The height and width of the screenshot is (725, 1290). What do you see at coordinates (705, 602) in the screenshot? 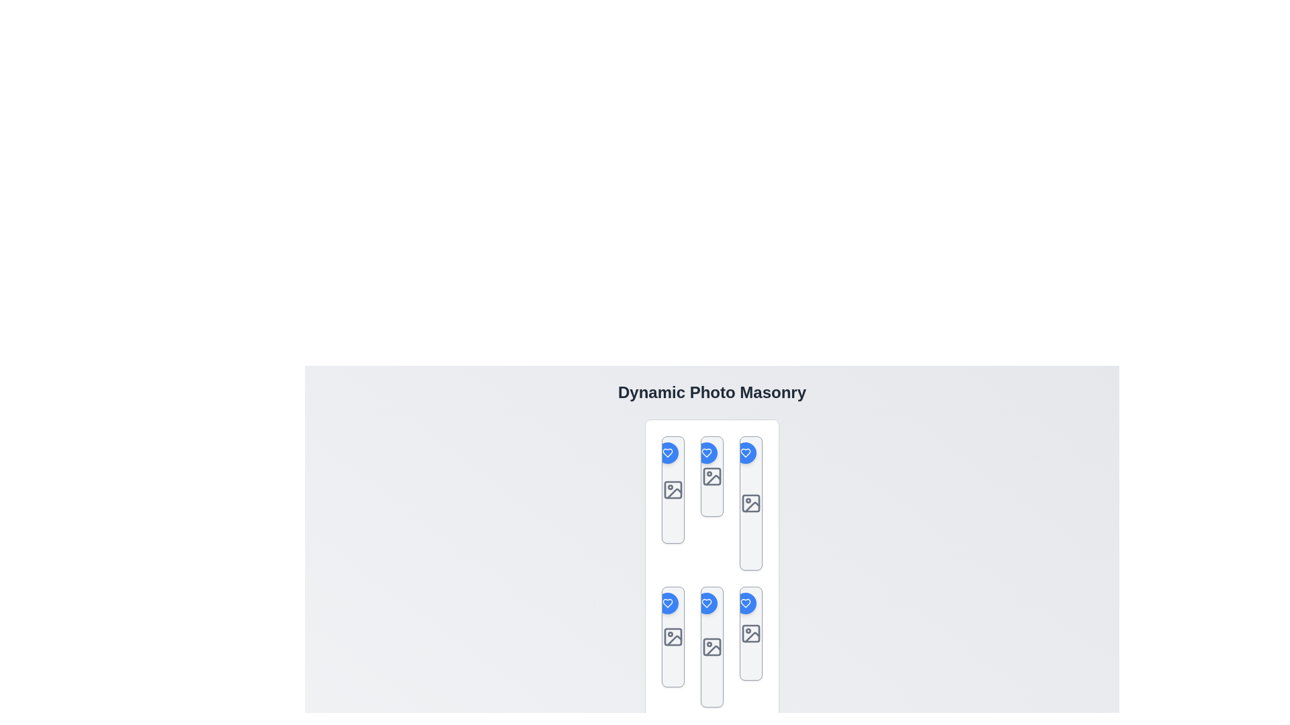
I see `the heart icon located in the upper-right corner of the card within the interactive button under the title 'Dynamic Photo Masonry' to like the item` at bounding box center [705, 602].